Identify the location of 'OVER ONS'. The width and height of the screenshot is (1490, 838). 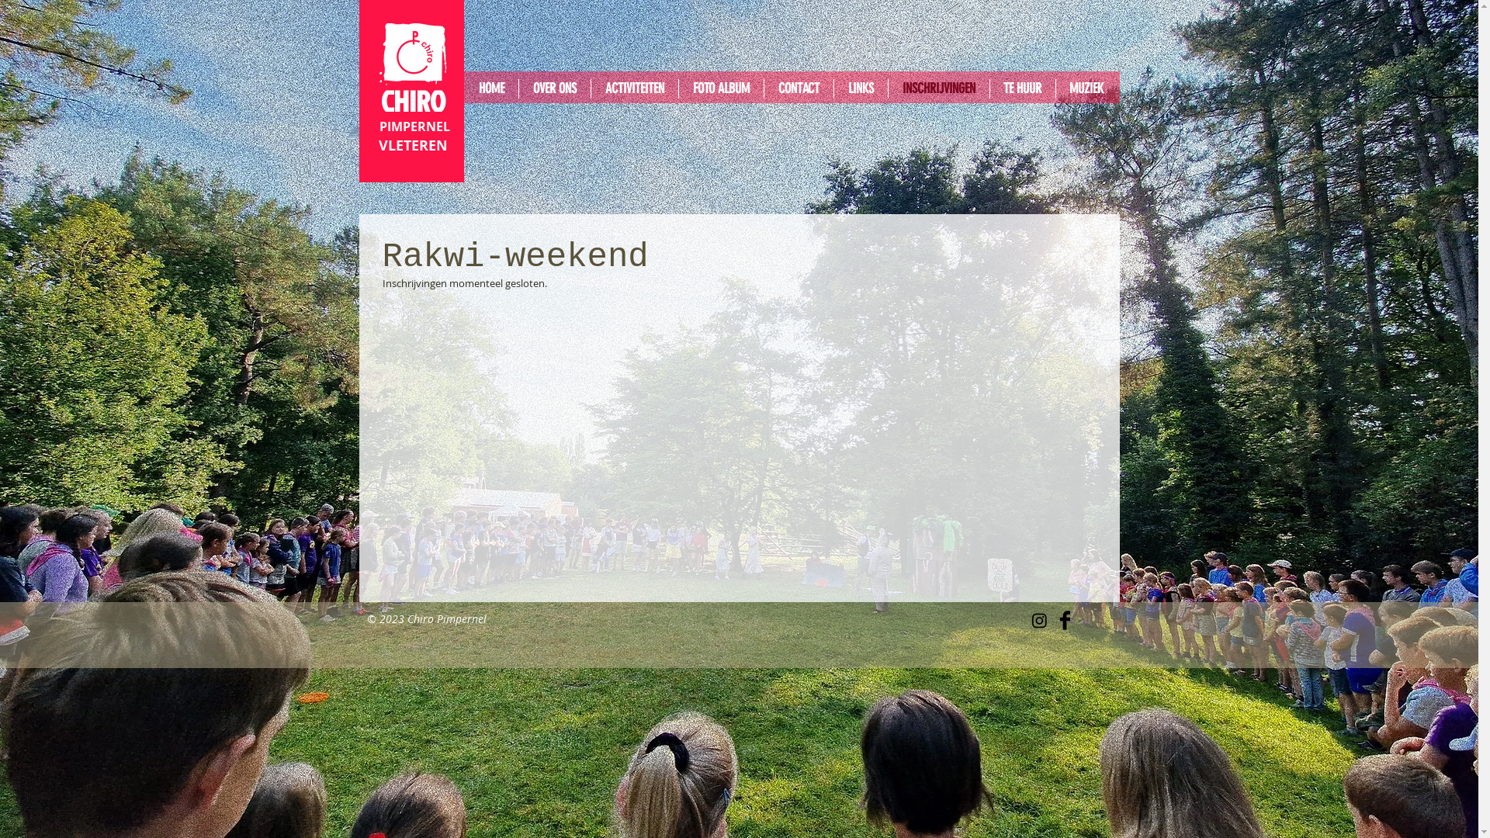
(518, 88).